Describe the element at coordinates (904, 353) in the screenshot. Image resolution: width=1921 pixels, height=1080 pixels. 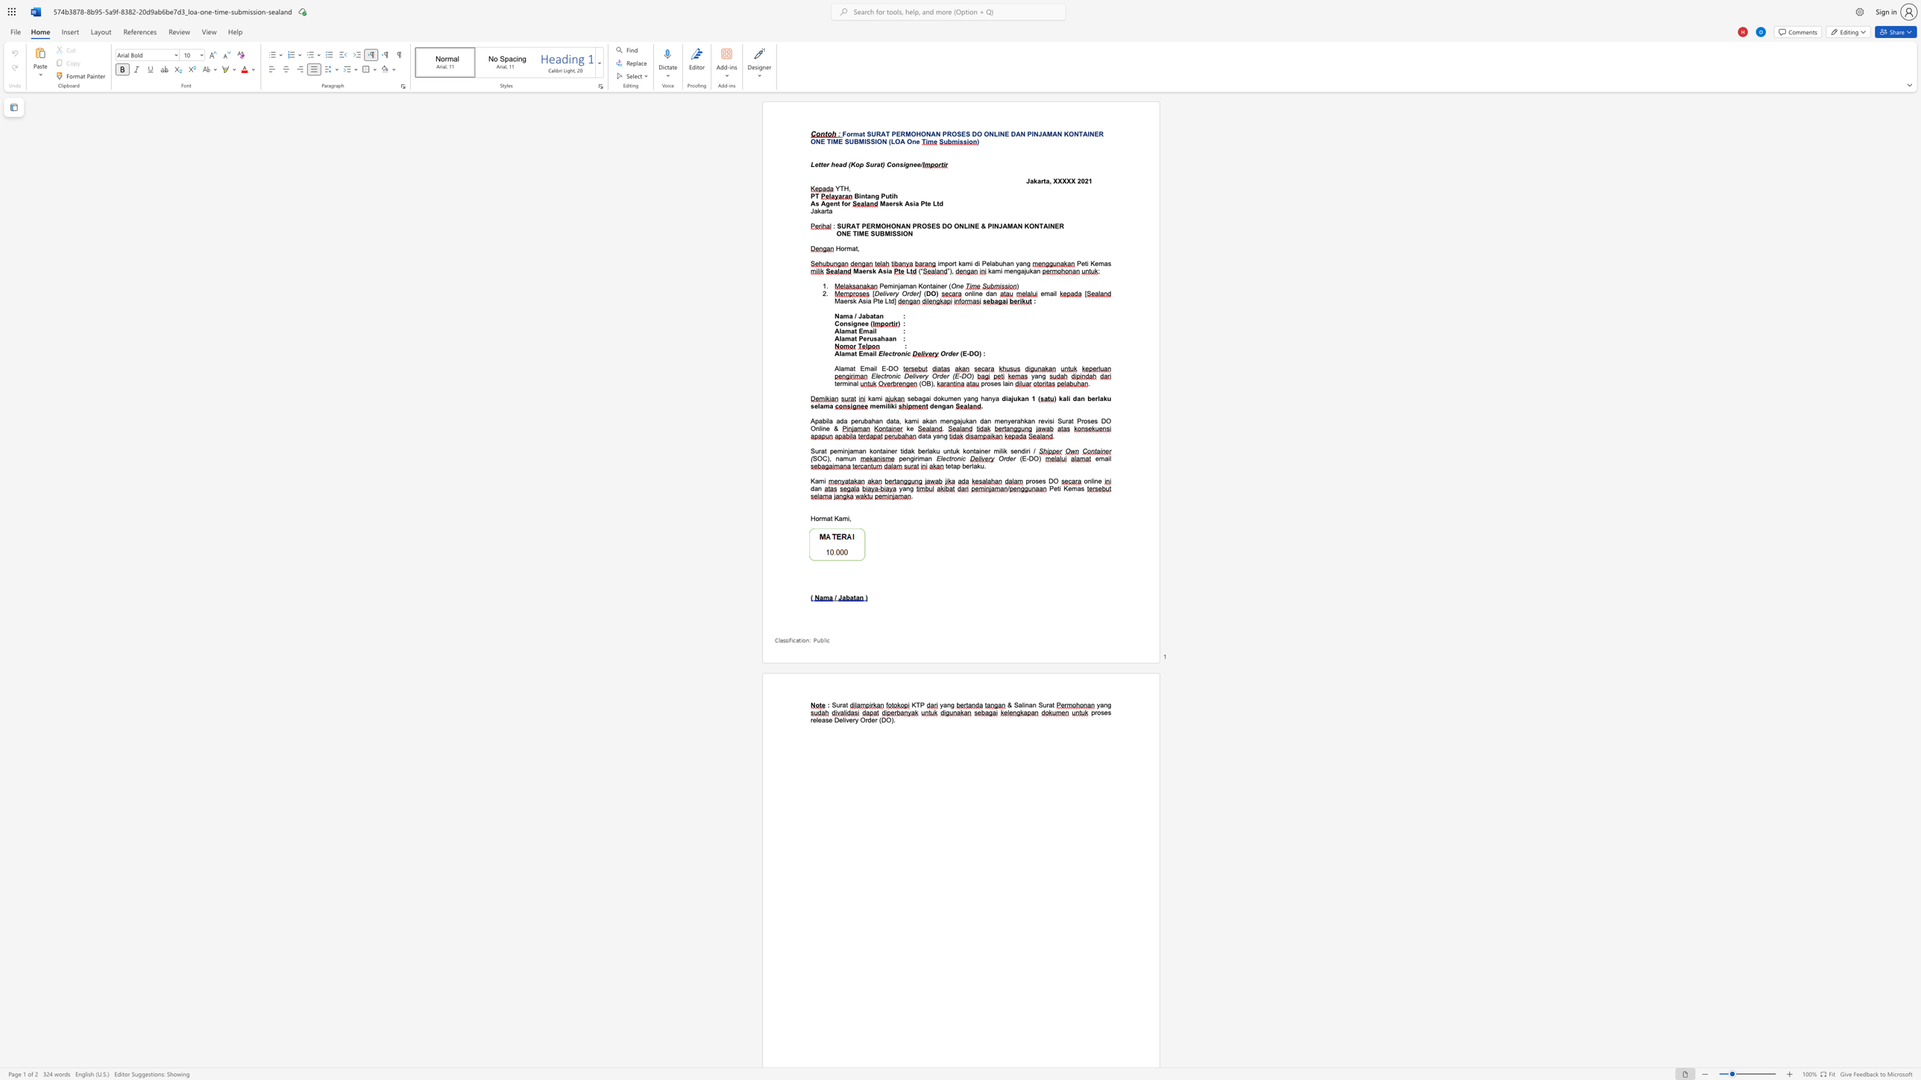
I see `the space between the continuous character "n" and "i" in the text` at that location.